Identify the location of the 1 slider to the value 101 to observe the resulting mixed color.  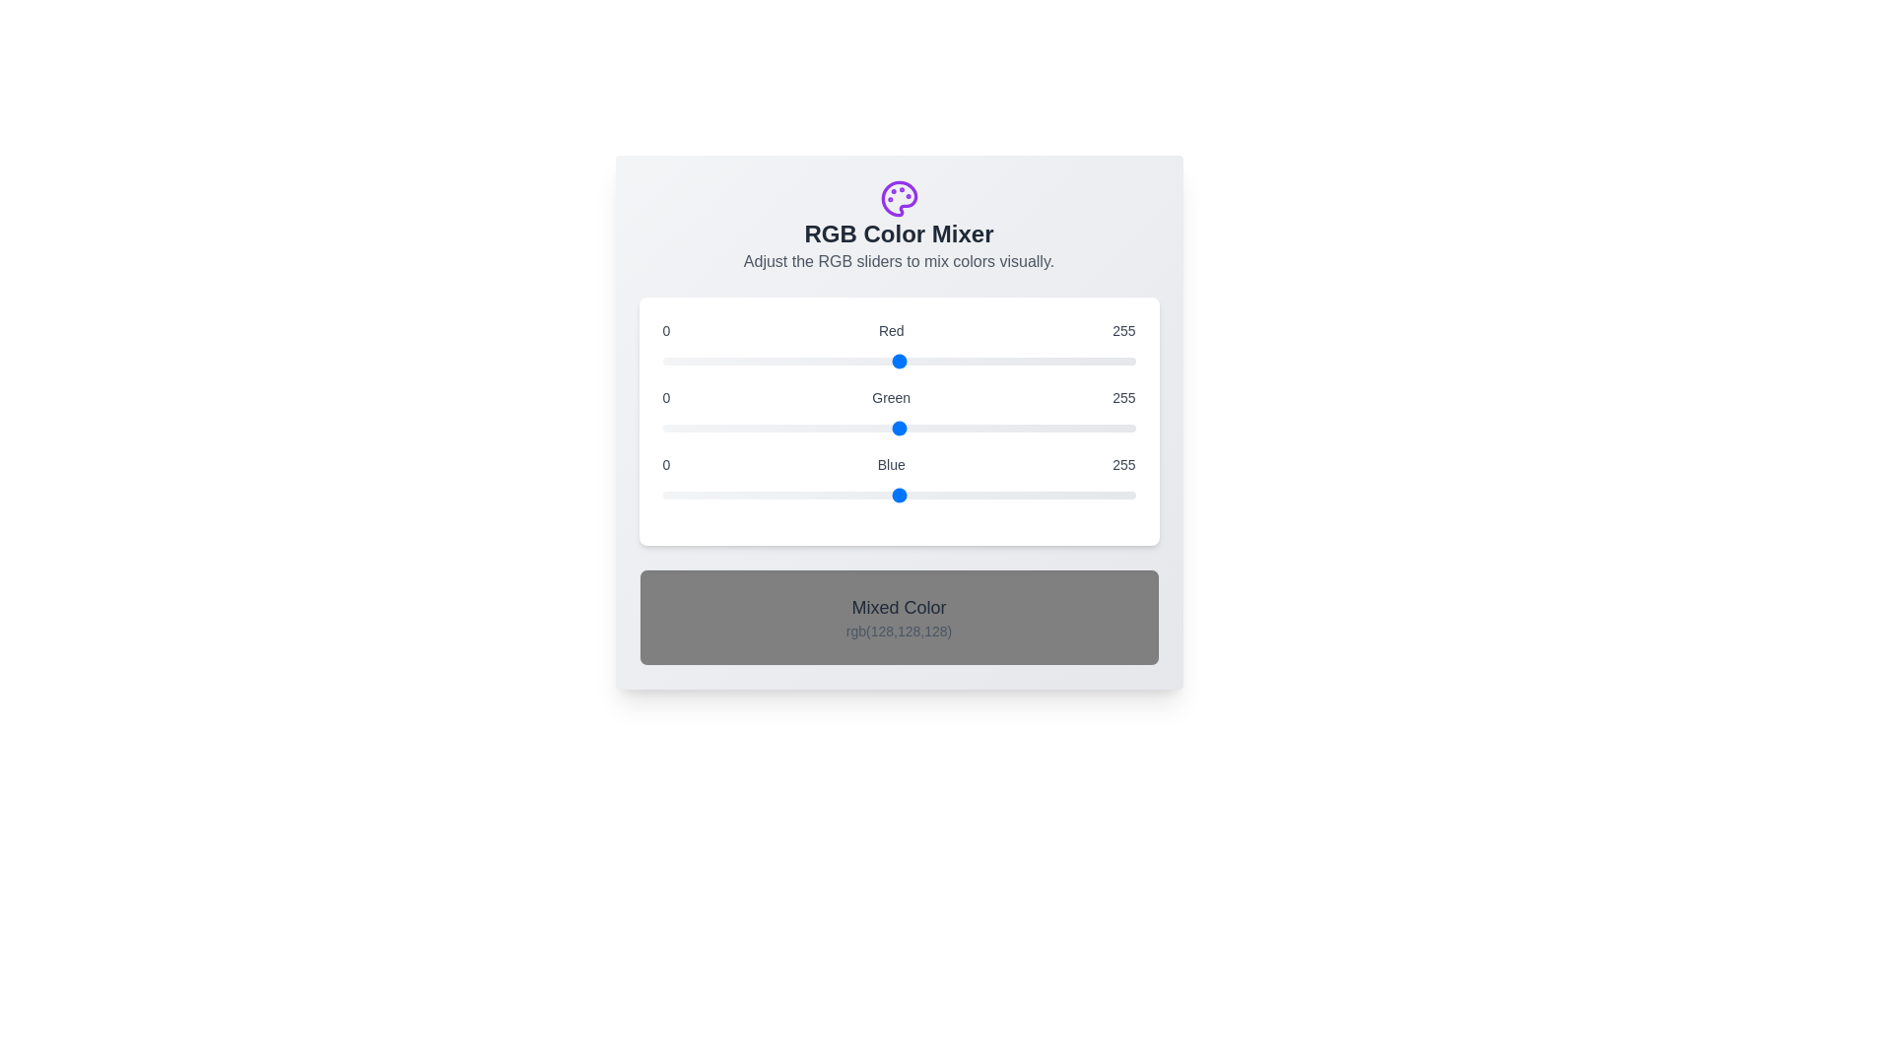
(898, 428).